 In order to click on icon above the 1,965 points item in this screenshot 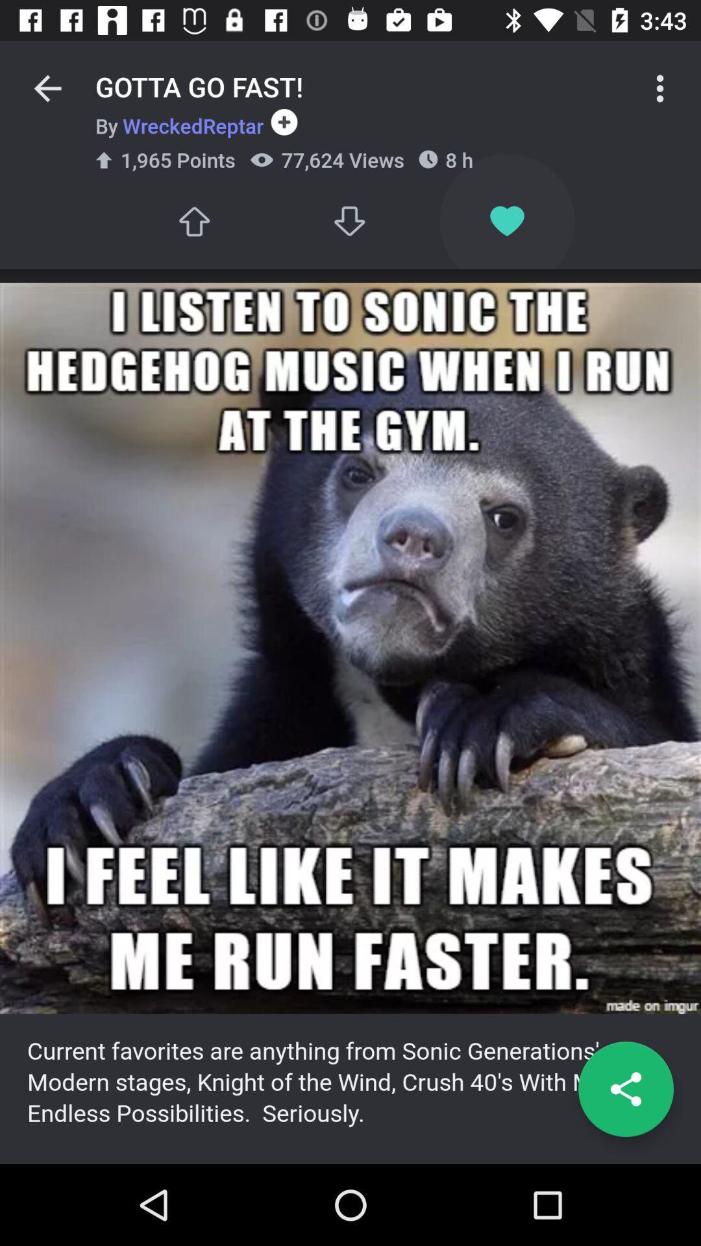, I will do `click(179, 125)`.